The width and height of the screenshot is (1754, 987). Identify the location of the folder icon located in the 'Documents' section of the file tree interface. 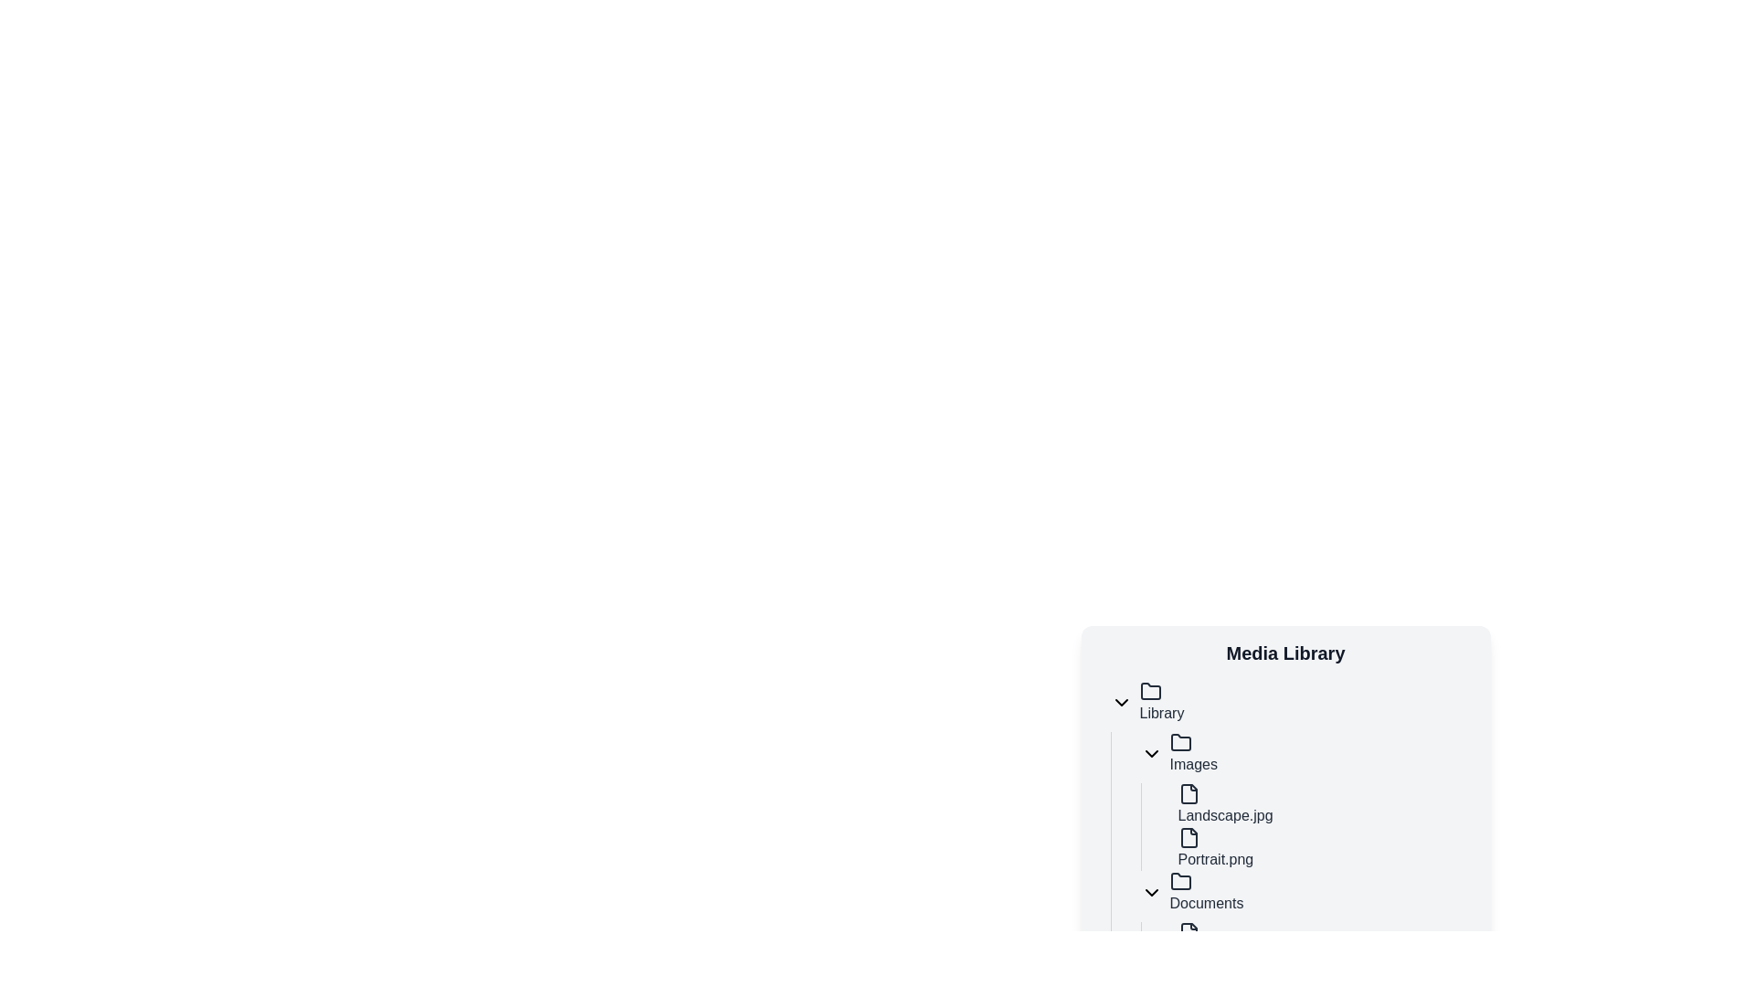
(1180, 880).